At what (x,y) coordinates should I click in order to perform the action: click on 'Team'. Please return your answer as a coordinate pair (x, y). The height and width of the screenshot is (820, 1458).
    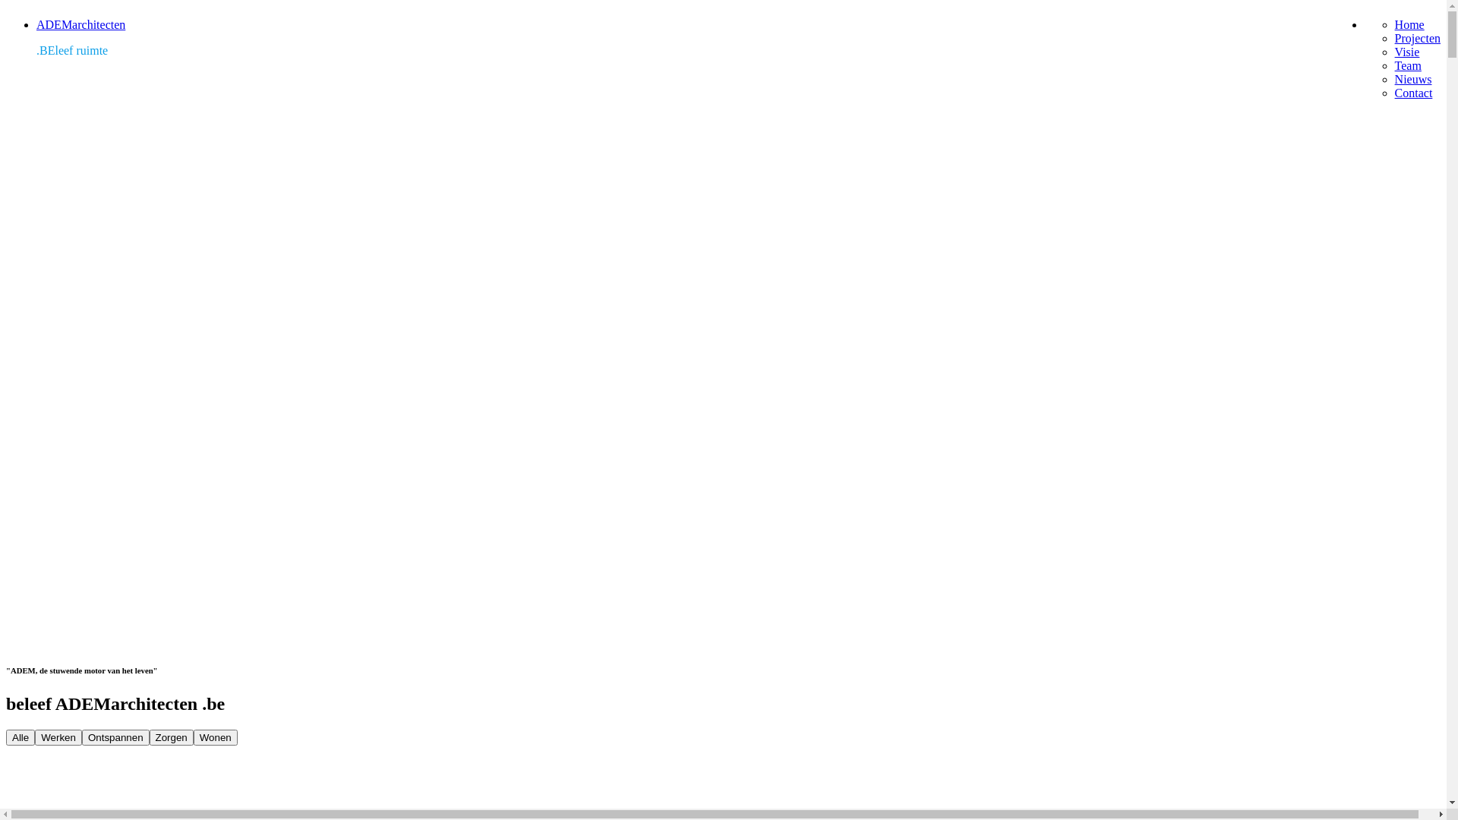
    Looking at the image, I should click on (1407, 65).